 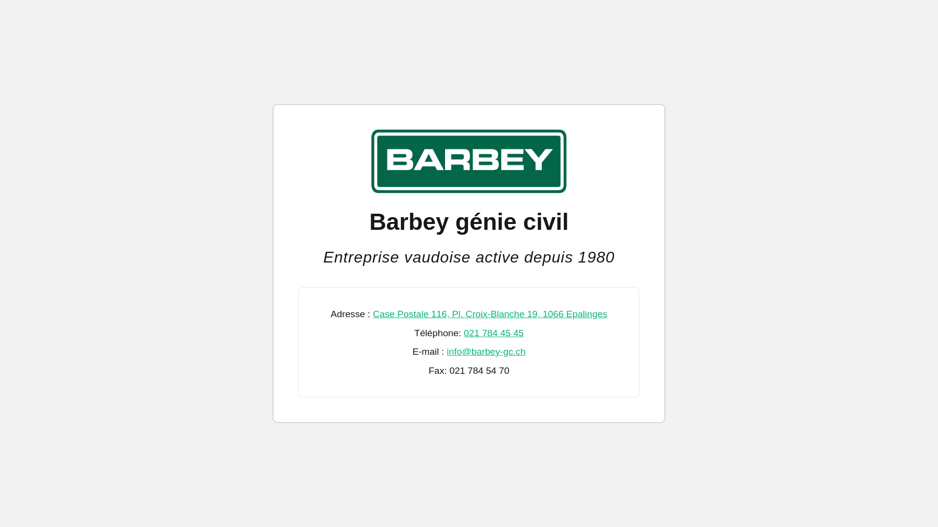 What do you see at coordinates (490, 314) in the screenshot?
I see `'Case Postale 116, Pl. Croix-Blanche 19, 1066 Epalinges'` at bounding box center [490, 314].